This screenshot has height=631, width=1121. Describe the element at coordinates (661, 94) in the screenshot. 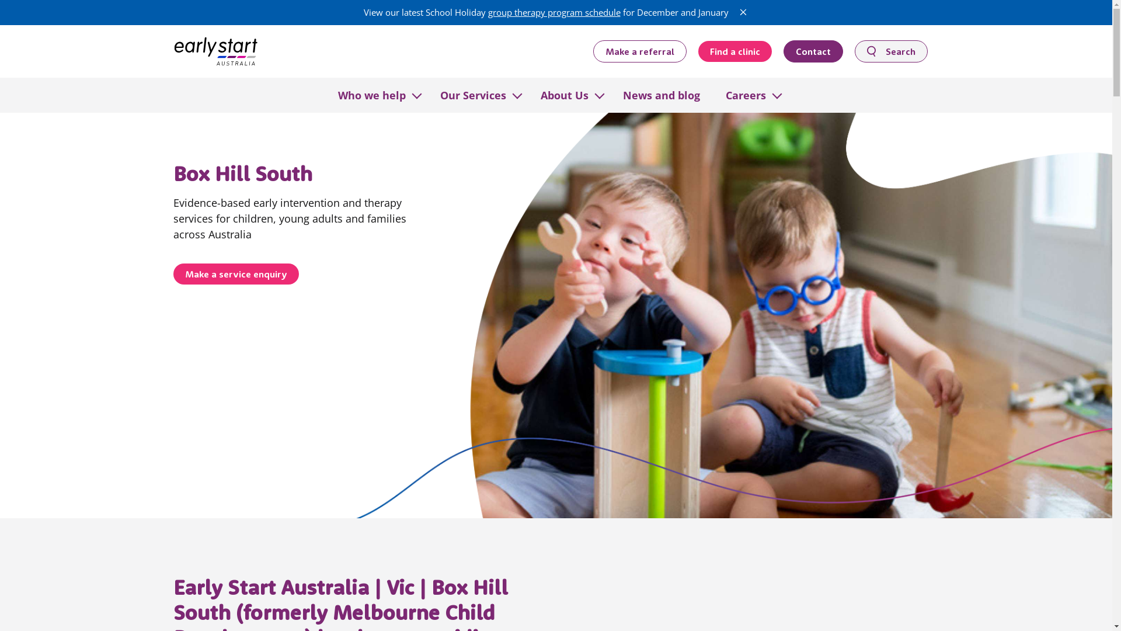

I see `'News and blog'` at that location.